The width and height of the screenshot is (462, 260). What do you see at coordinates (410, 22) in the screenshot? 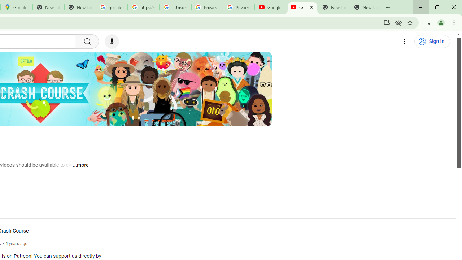
I see `'Bookmark this tab'` at bounding box center [410, 22].